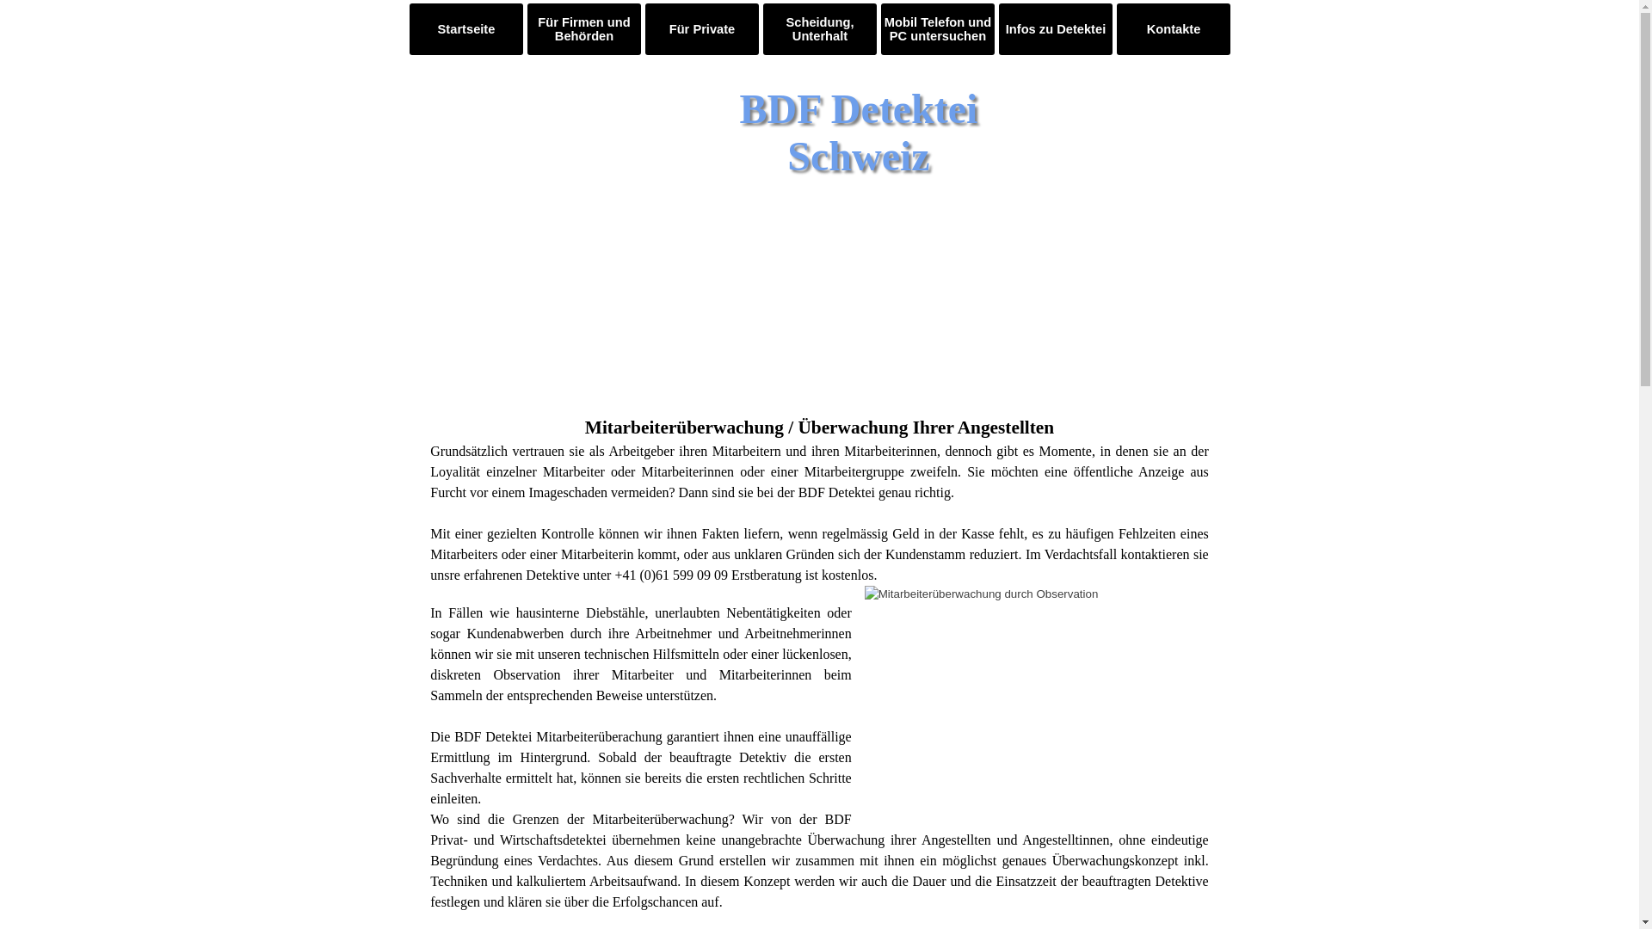 The height and width of the screenshot is (929, 1652). I want to click on 'Startseite', so click(466, 29).